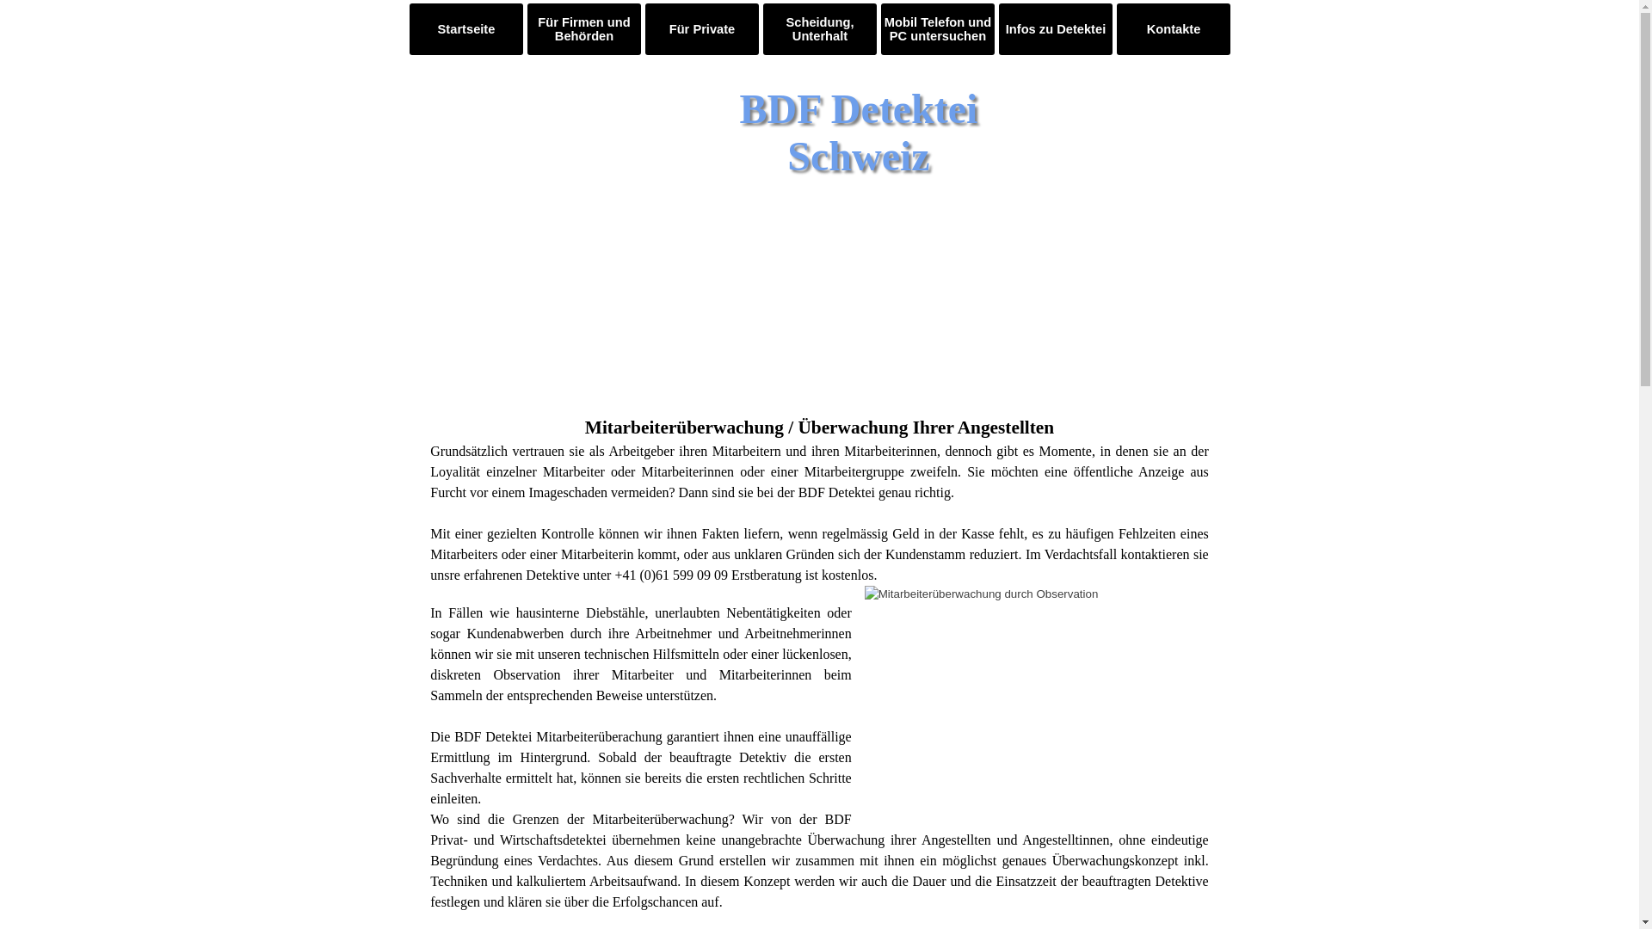 The height and width of the screenshot is (929, 1652). I want to click on 'Startseite', so click(466, 29).